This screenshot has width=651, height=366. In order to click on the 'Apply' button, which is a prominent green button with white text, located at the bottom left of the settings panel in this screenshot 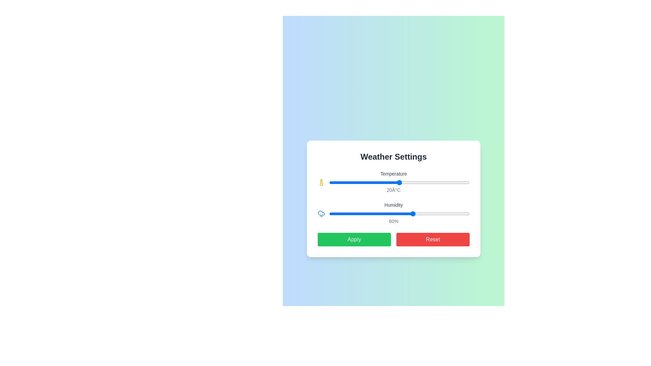, I will do `click(354, 239)`.